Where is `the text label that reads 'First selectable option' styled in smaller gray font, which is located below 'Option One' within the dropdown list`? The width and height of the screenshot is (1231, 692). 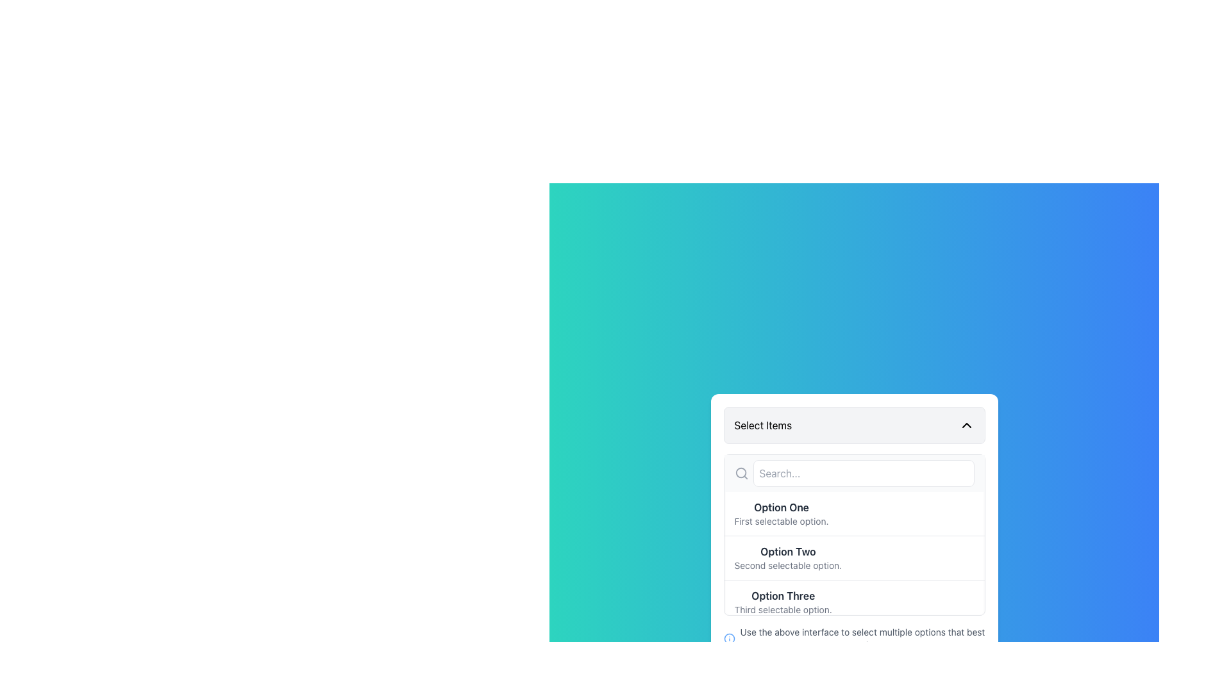
the text label that reads 'First selectable option' styled in smaller gray font, which is located below 'Option One' within the dropdown list is located at coordinates (781, 521).